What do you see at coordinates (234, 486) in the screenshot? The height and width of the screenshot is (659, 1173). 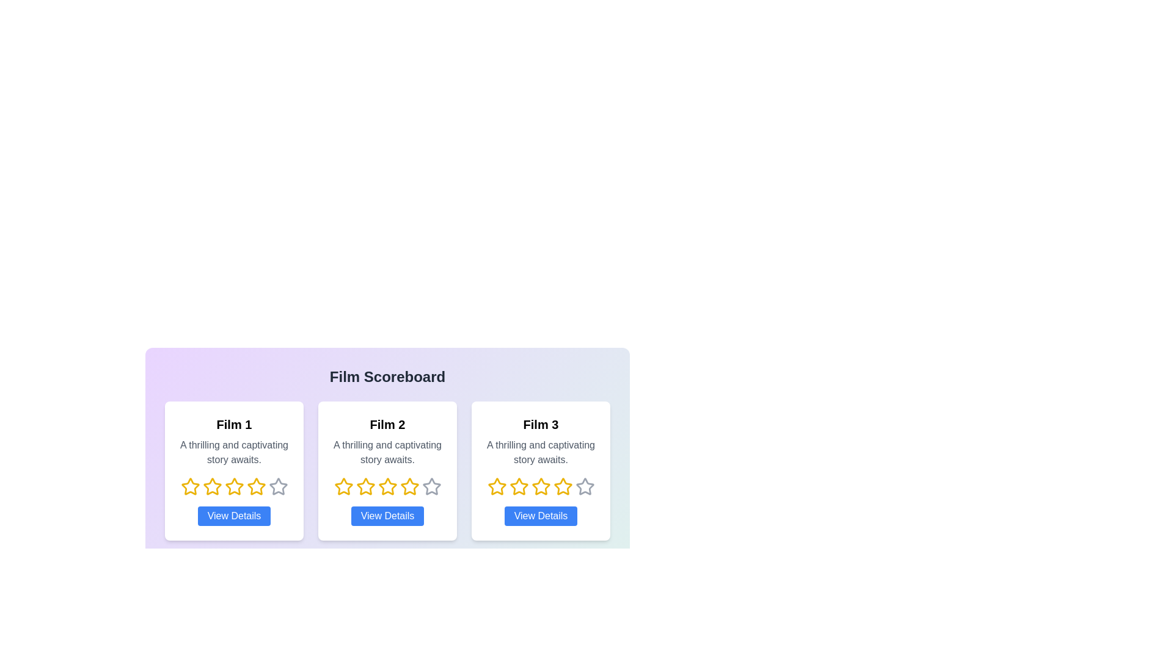 I see `the rating of a film to 3 stars by clicking on the corresponding star` at bounding box center [234, 486].